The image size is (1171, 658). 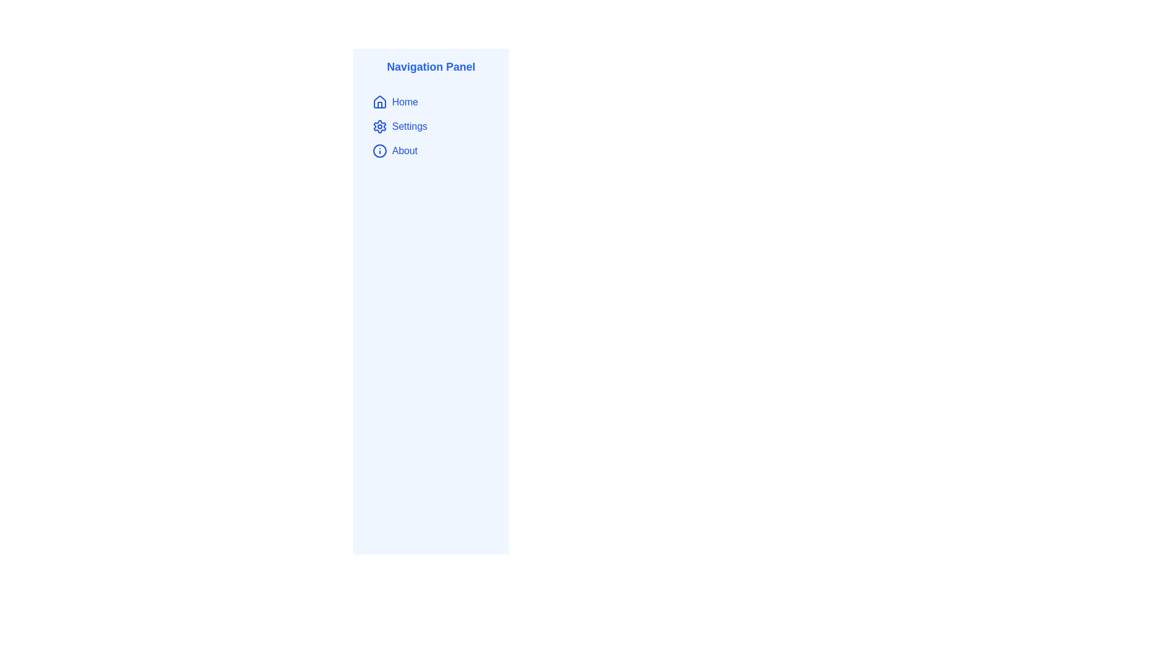 I want to click on the Text Label located at the top of the sidebar navigation menu that describes the purpose of the sidebar, so click(x=431, y=67).